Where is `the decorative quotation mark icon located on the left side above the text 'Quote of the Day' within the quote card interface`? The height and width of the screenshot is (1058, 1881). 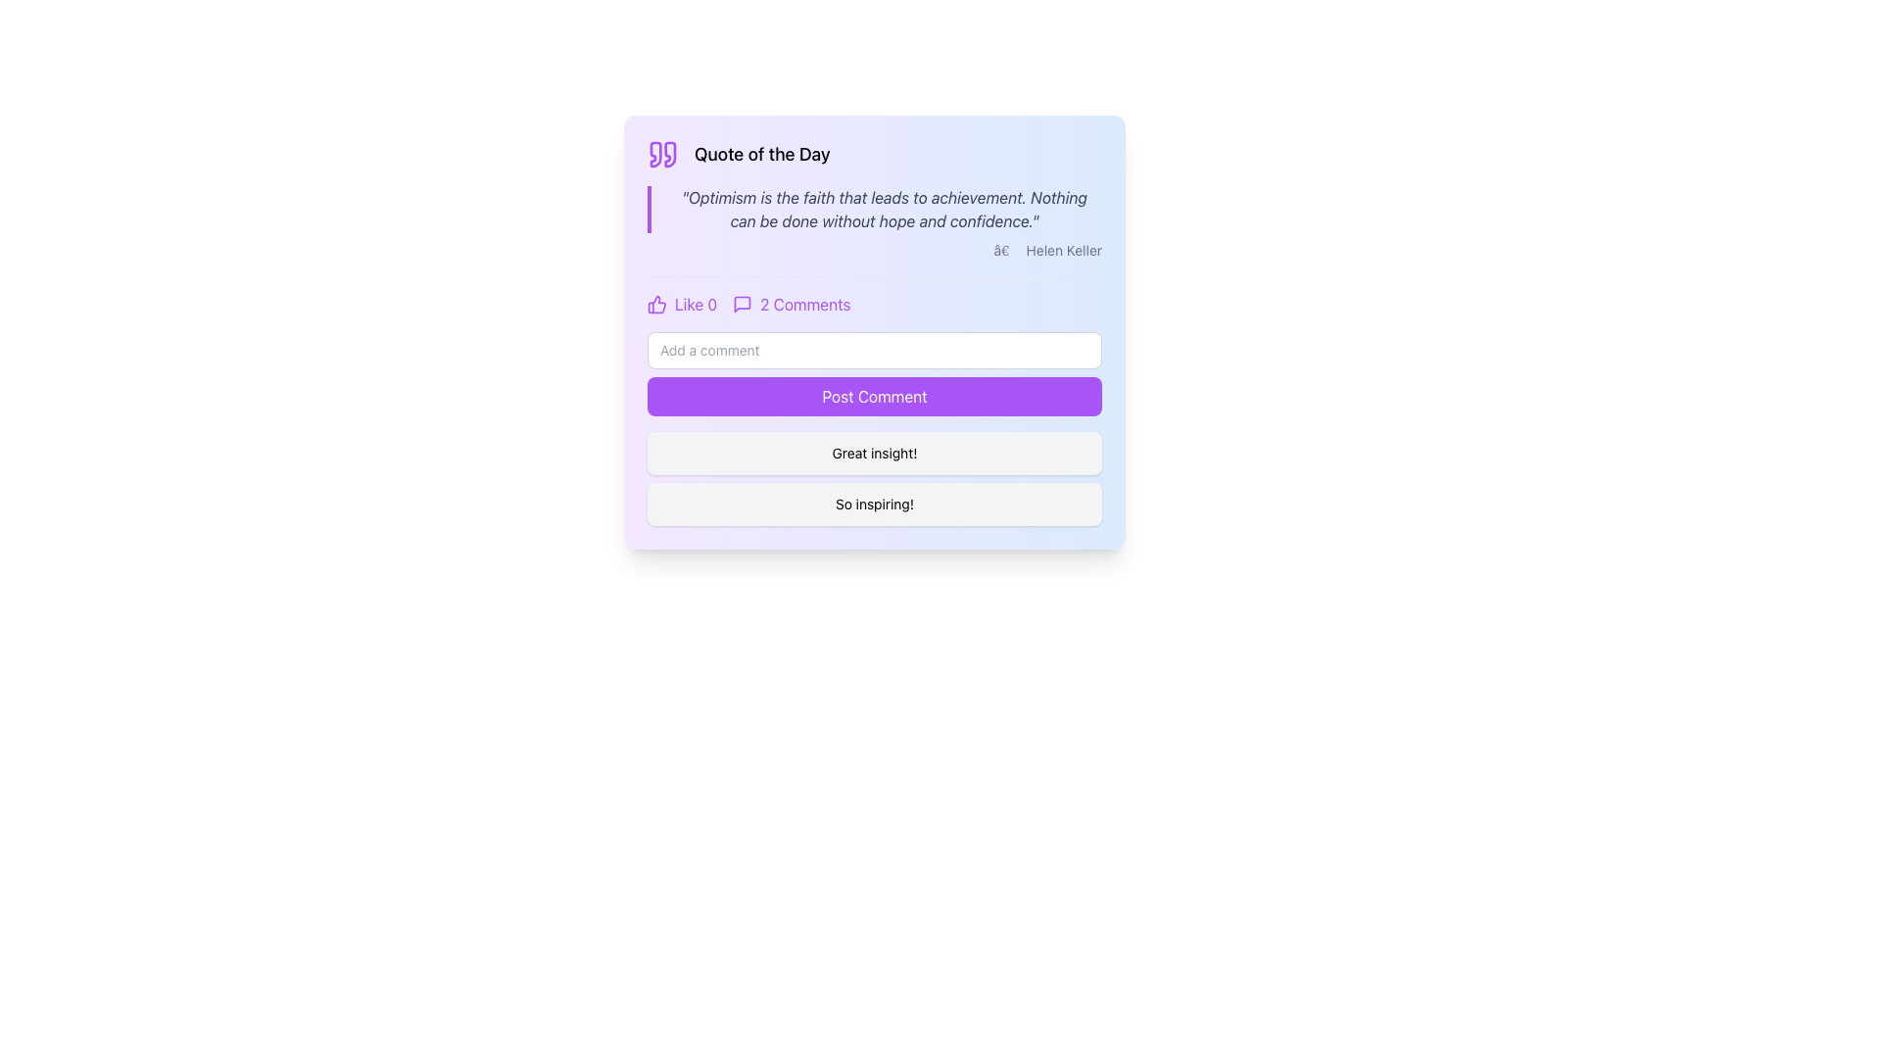 the decorative quotation mark icon located on the left side above the text 'Quote of the Day' within the quote card interface is located at coordinates (655, 154).